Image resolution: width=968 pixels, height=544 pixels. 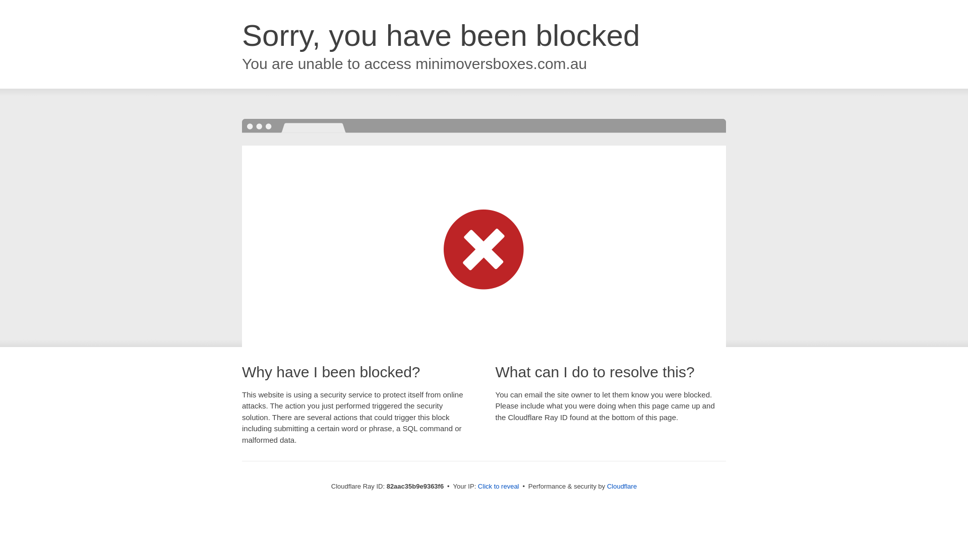 What do you see at coordinates (498, 486) in the screenshot?
I see `'Click to reveal'` at bounding box center [498, 486].